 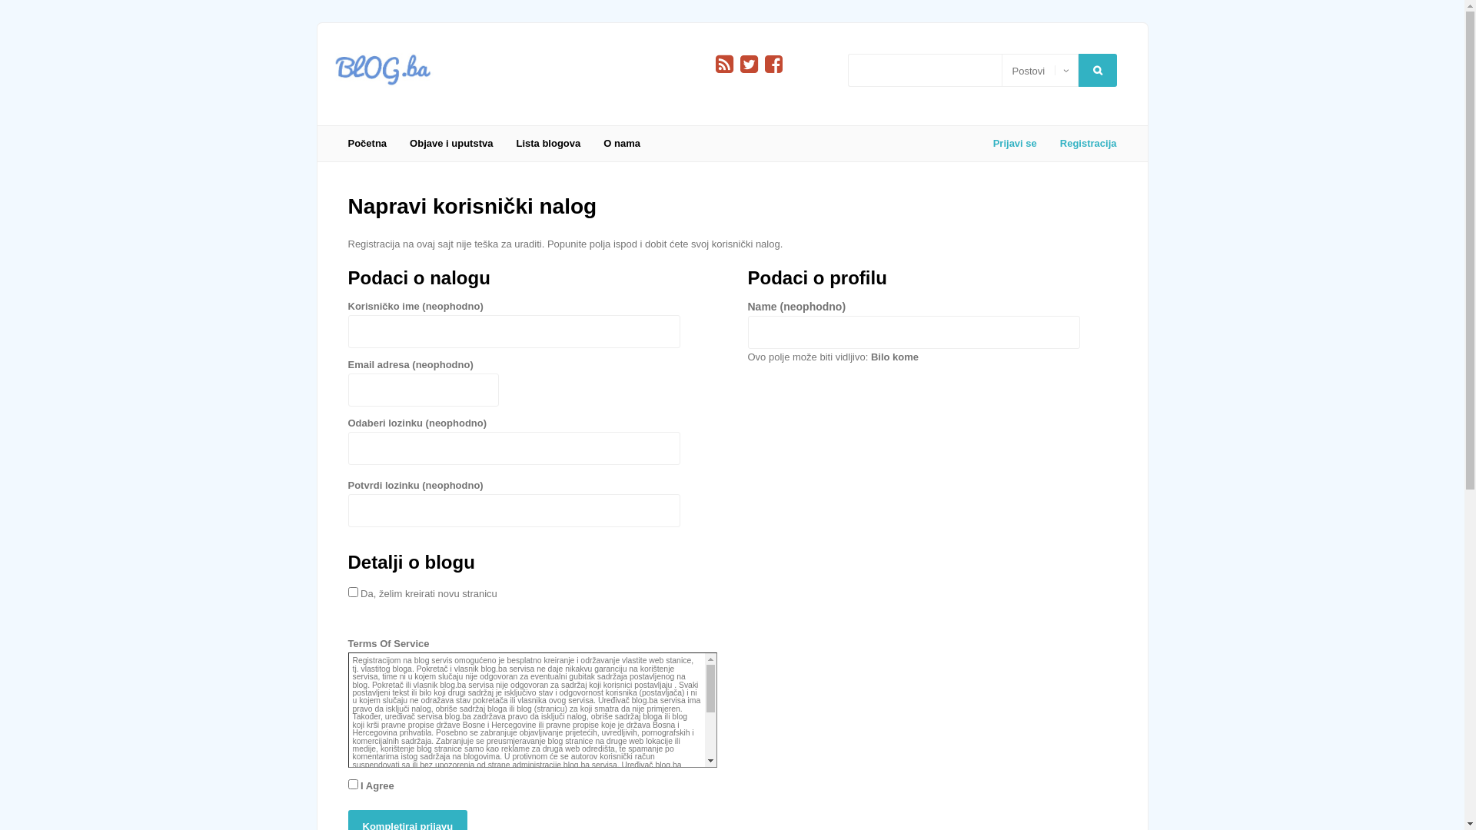 What do you see at coordinates (548, 143) in the screenshot?
I see `'Lista blogova'` at bounding box center [548, 143].